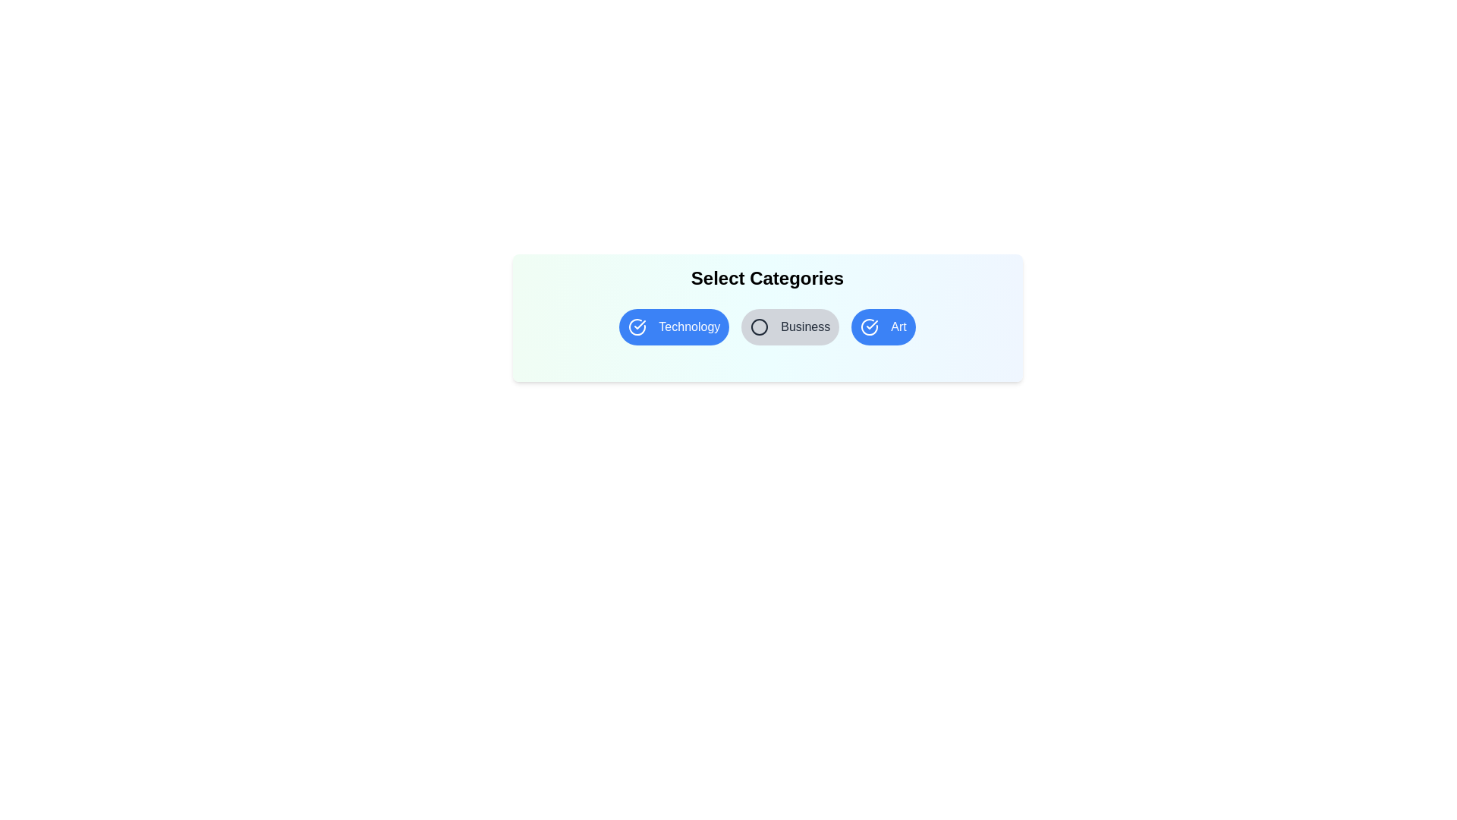 The image size is (1457, 820). What do you see at coordinates (673, 326) in the screenshot?
I see `the tag labeled Technology to observe its hover effect` at bounding box center [673, 326].